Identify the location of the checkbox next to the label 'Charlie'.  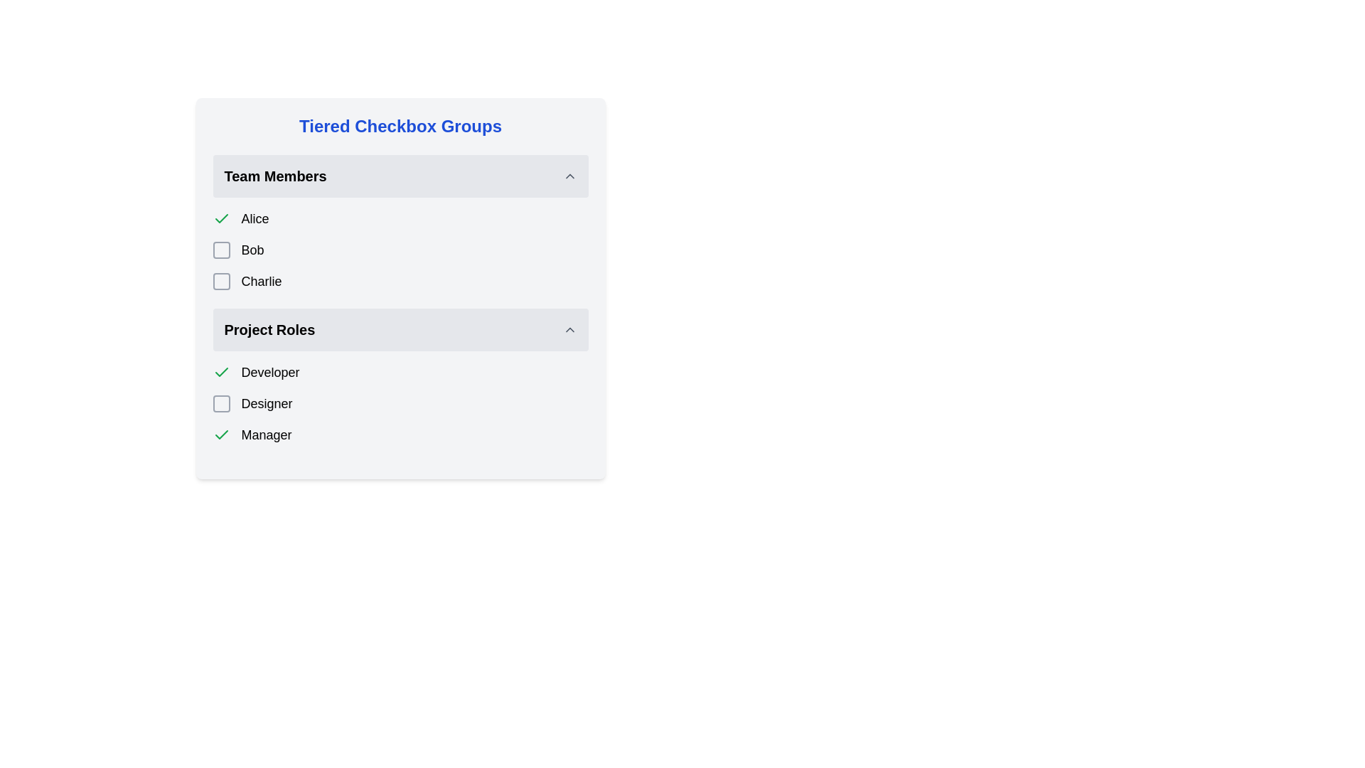
(220, 282).